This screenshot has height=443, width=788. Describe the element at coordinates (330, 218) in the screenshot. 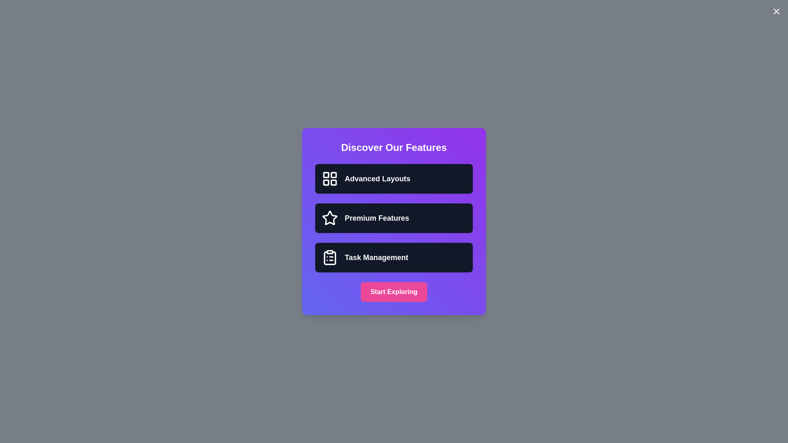

I see `the feature icon corresponding to Premium Features to provide visual feedback` at that location.